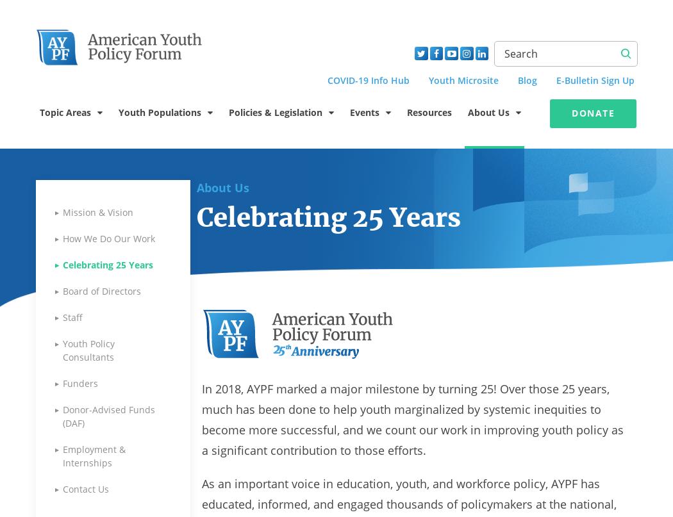 The width and height of the screenshot is (673, 517). What do you see at coordinates (137, 247) in the screenshot?
I see `'First-Generation College Students'` at bounding box center [137, 247].